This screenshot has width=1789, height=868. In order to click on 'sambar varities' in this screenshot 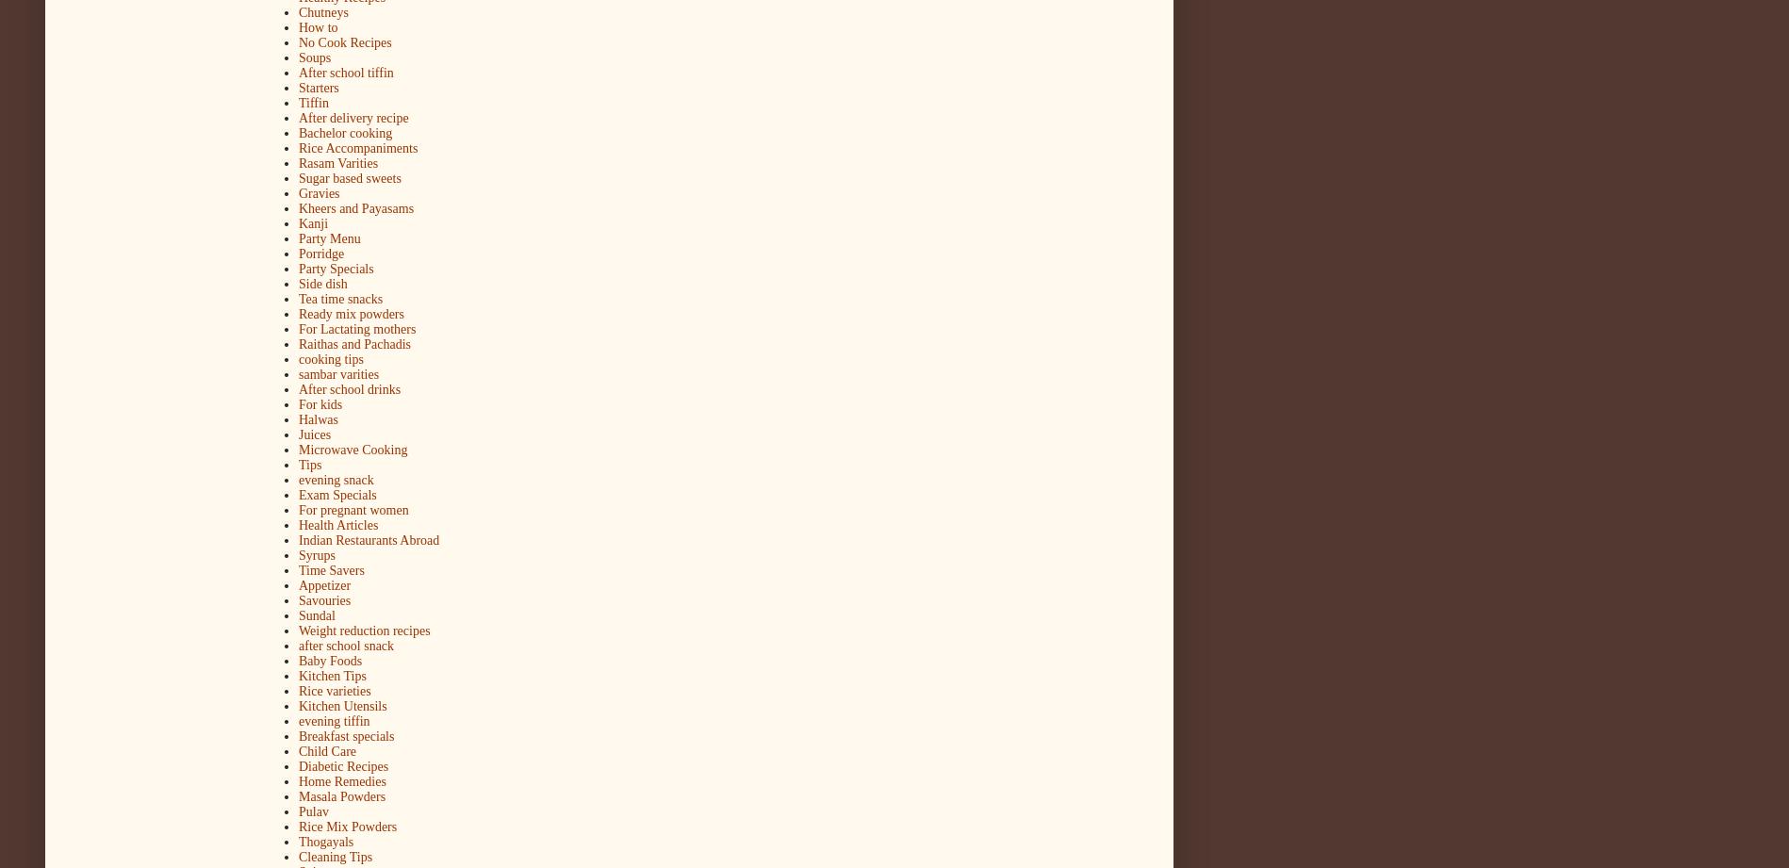, I will do `click(338, 374)`.